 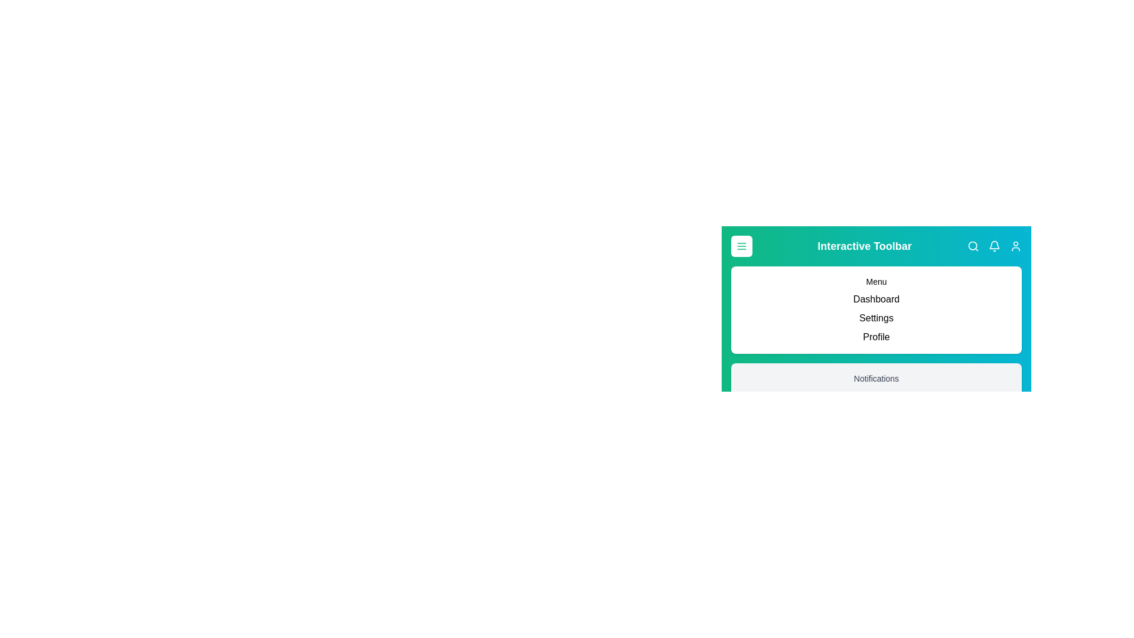 What do you see at coordinates (994, 245) in the screenshot?
I see `the bell icon to toggle the notifications panel visibility` at bounding box center [994, 245].